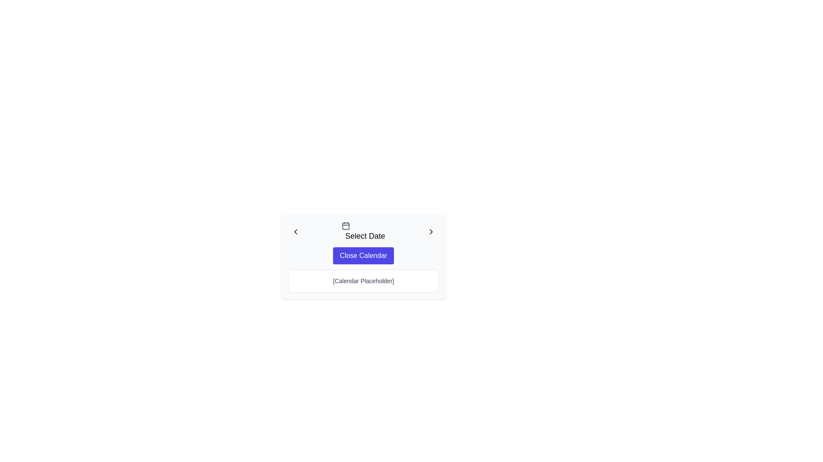  What do you see at coordinates (365, 236) in the screenshot?
I see `the text label that informs users about selecting a date, positioned horizontally centered next to the calendar icon, above the 'Close Calendar' button` at bounding box center [365, 236].